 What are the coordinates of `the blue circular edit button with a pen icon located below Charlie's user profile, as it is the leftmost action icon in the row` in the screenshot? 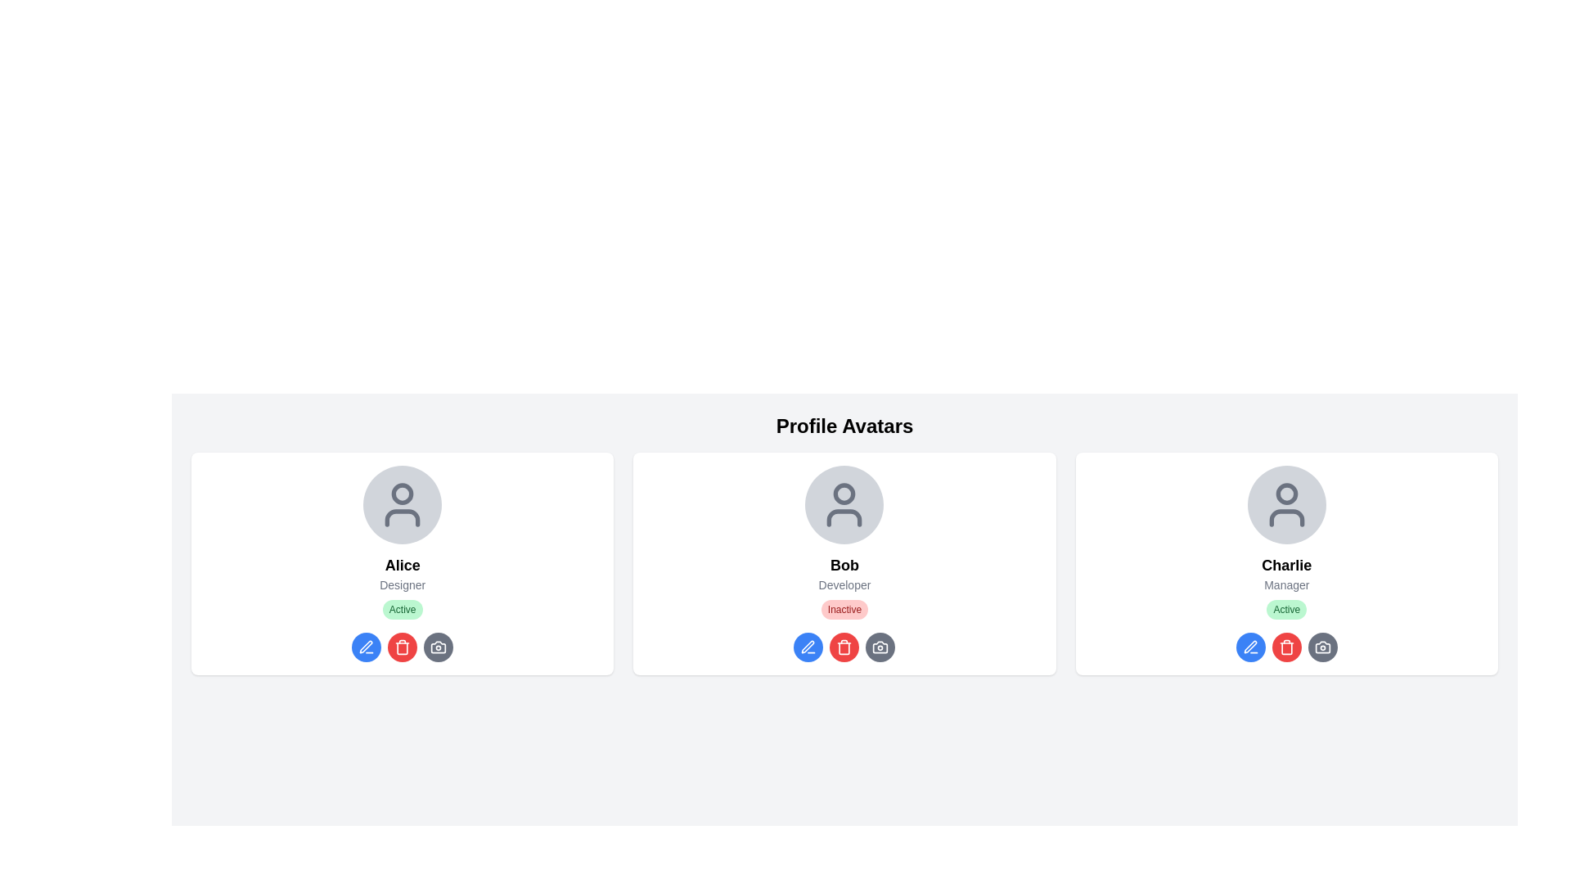 It's located at (1249, 646).